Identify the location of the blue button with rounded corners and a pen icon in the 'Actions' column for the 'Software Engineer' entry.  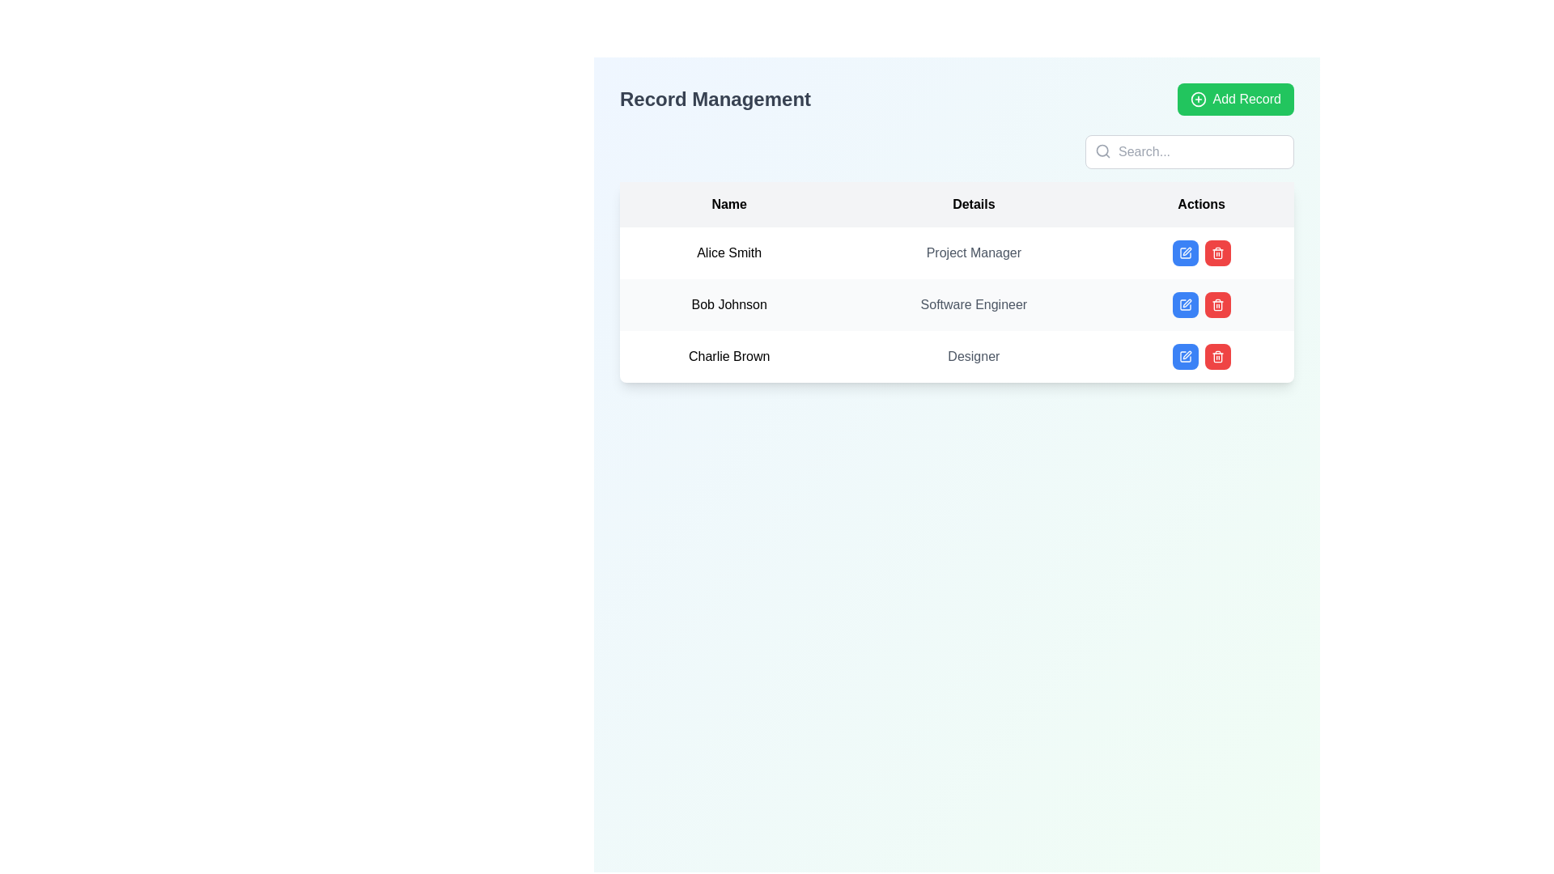
(1185, 305).